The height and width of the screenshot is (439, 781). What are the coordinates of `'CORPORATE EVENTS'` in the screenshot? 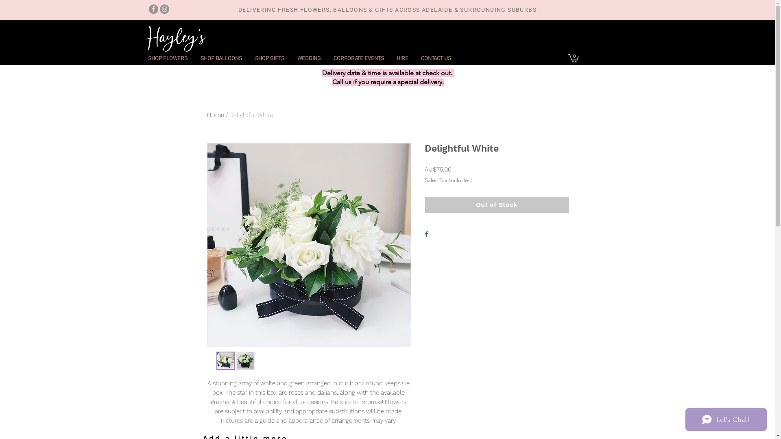 It's located at (358, 58).